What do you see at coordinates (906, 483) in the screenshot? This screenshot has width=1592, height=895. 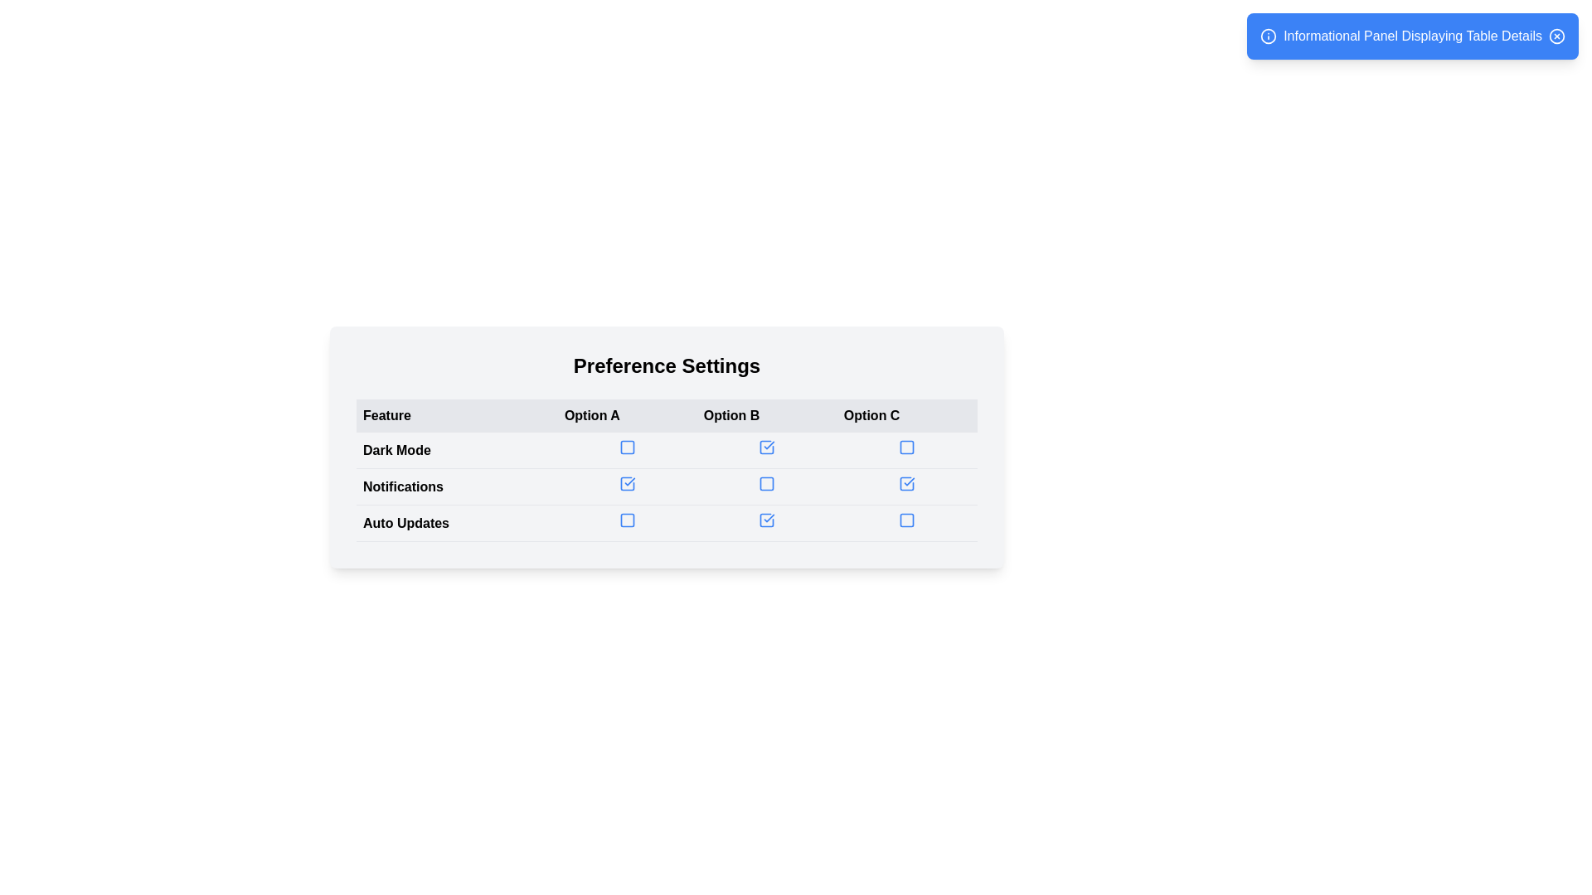 I see `the checkbox for 'Auto Updates' under 'Option C'` at bounding box center [906, 483].